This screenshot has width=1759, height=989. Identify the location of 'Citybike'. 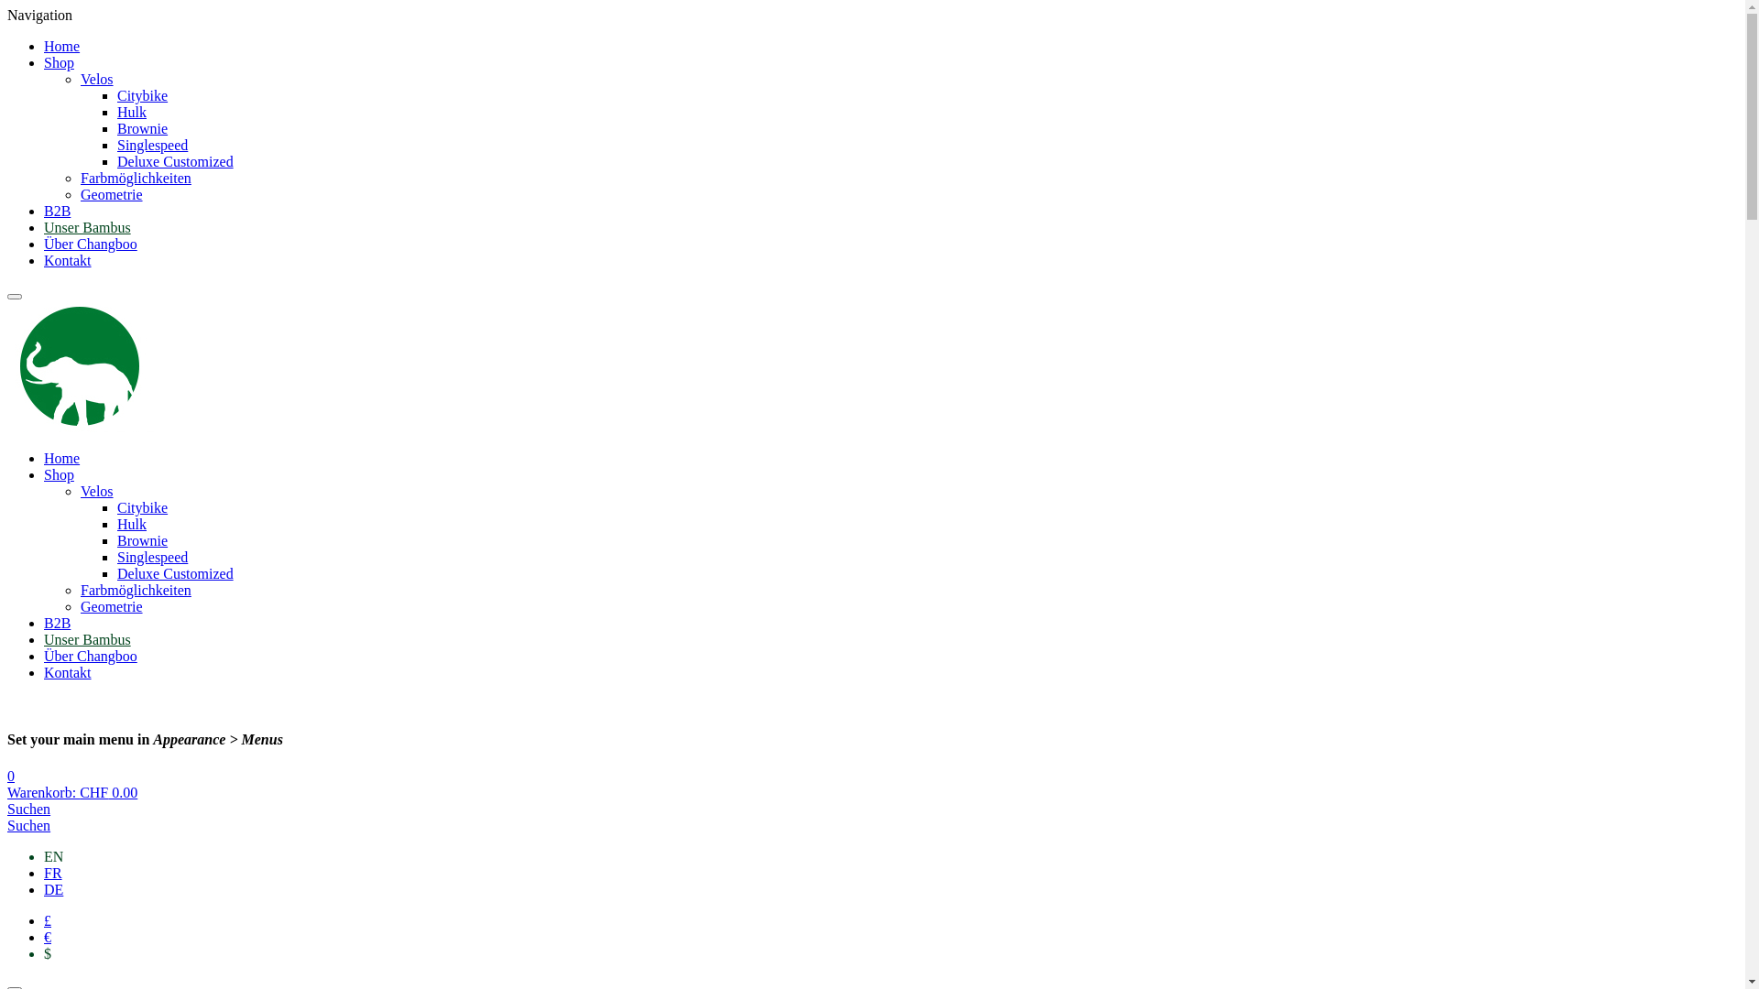
(141, 95).